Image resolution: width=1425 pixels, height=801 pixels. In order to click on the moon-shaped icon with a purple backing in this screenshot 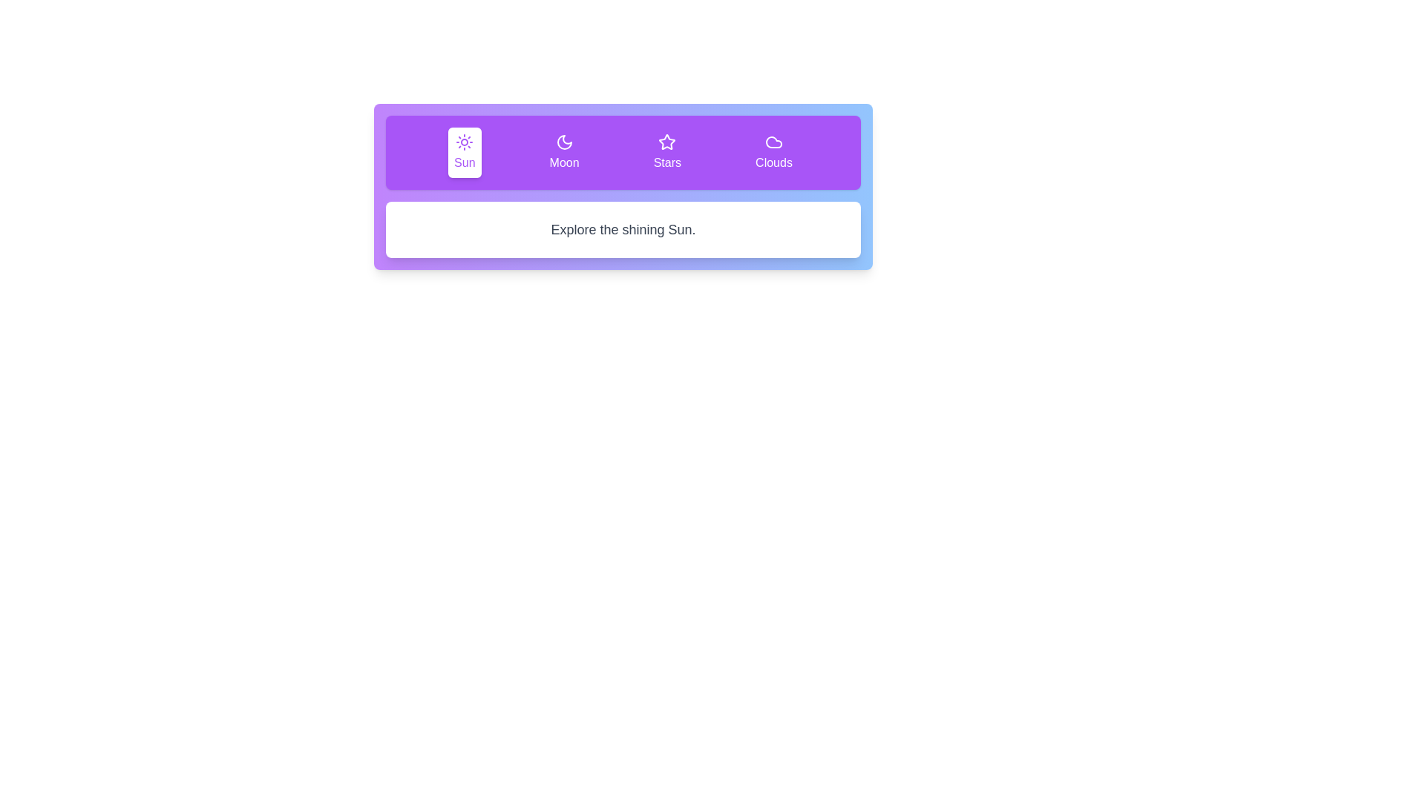, I will do `click(563, 142)`.